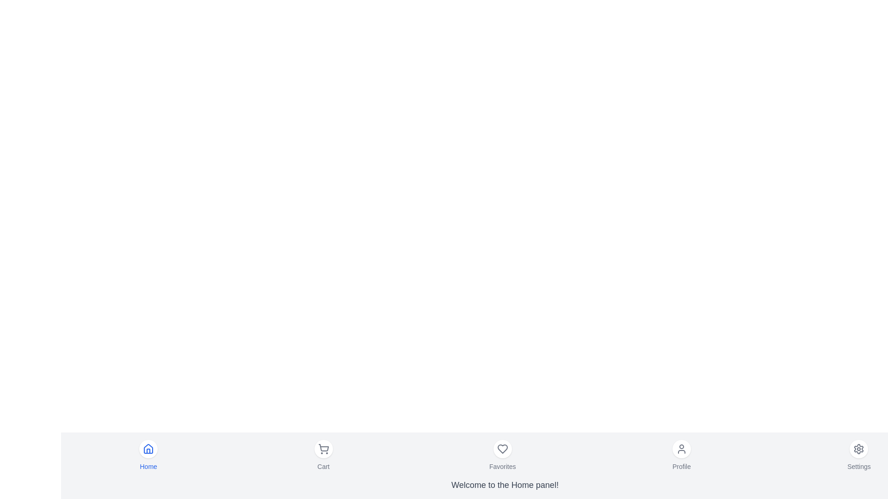 The width and height of the screenshot is (888, 499). Describe the element at coordinates (148, 455) in the screenshot. I see `the Home menu item to navigate to its respective section` at that location.